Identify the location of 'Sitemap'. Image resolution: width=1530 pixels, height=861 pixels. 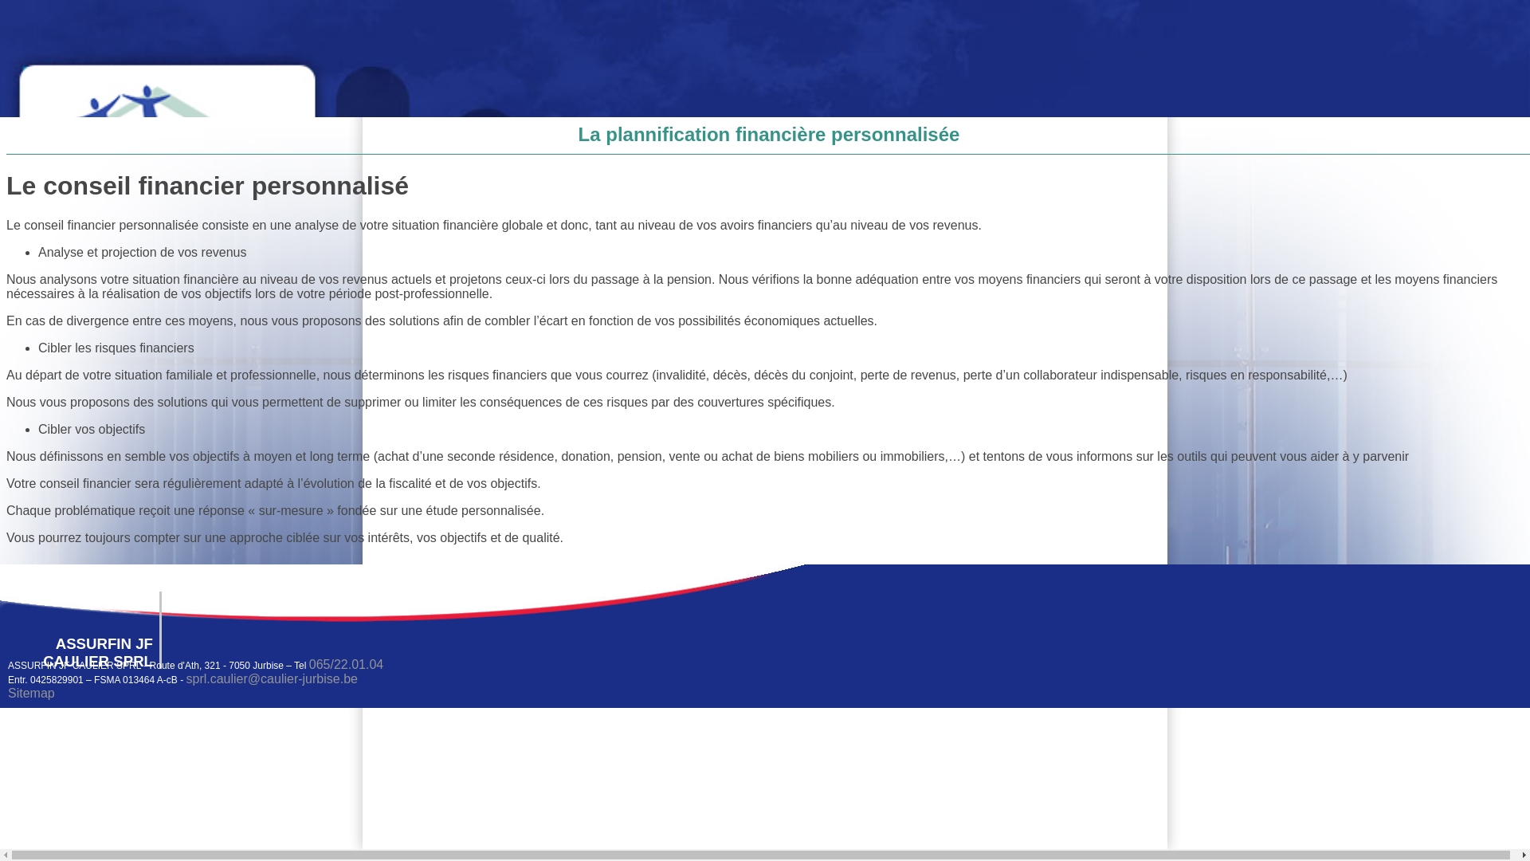
(31, 692).